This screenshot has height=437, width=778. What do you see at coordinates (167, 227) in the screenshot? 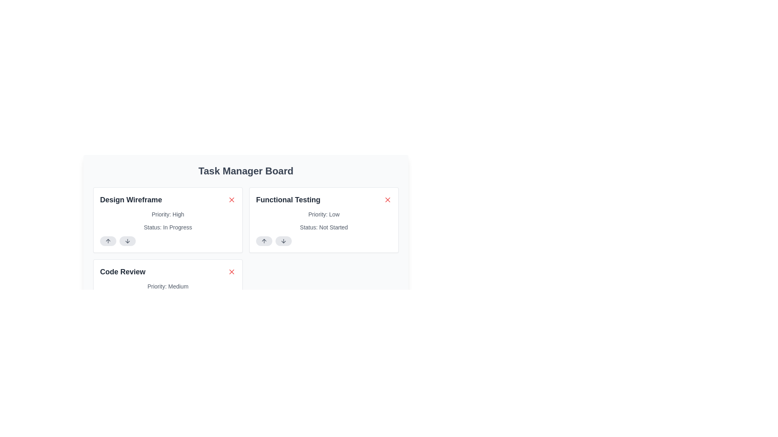
I see `the 'In Progress' status text label located below the 'Priority: High' line in the 'Design Wireframe' card` at bounding box center [167, 227].